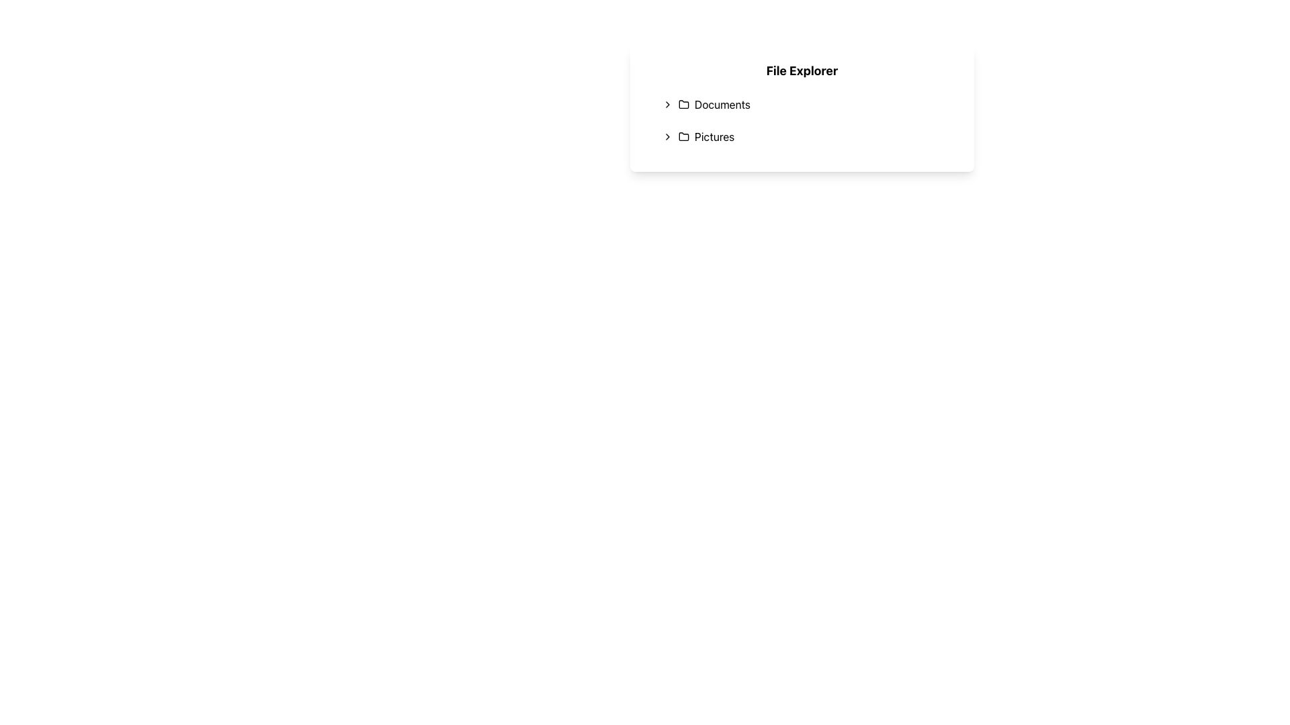 The width and height of the screenshot is (1290, 725). What do you see at coordinates (683, 103) in the screenshot?
I see `the folder icon associated with the 'Documents' item in the file navigation list by clicking on it` at bounding box center [683, 103].